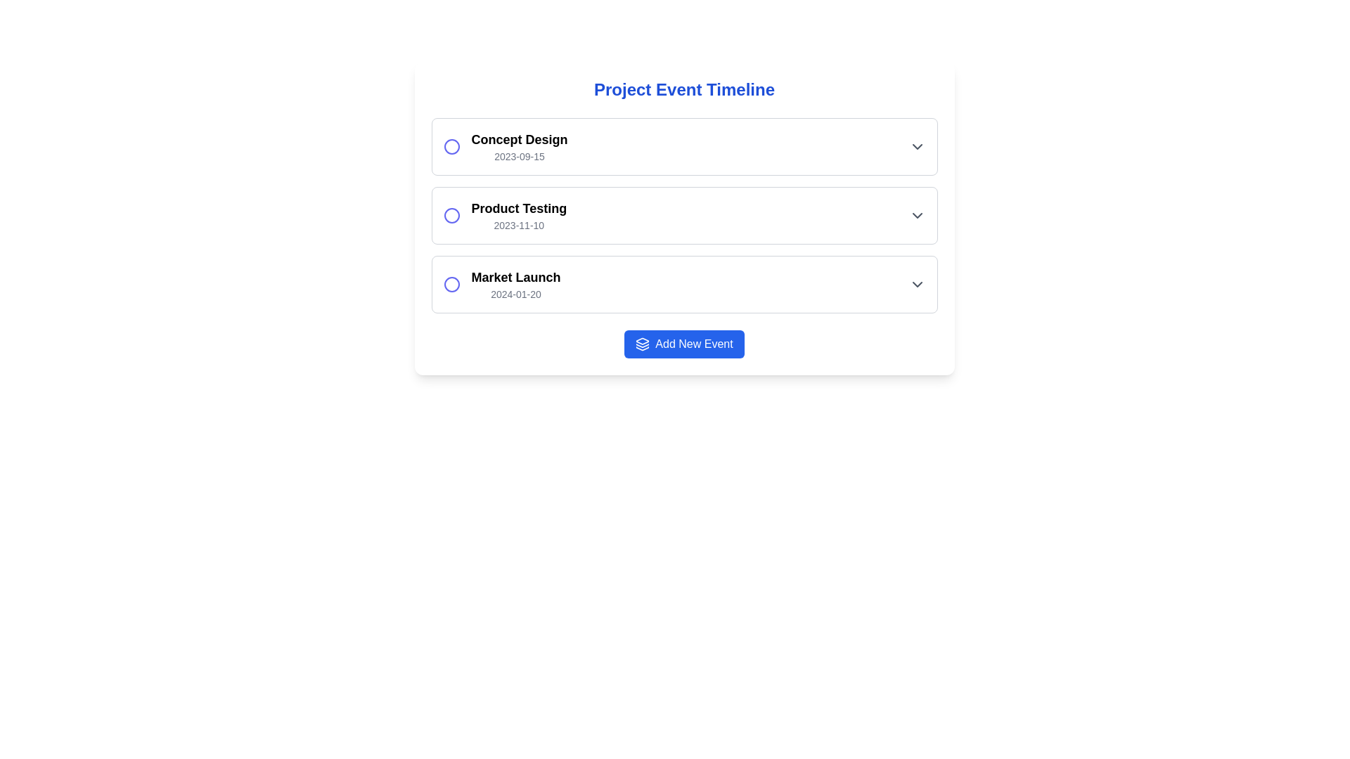  I want to click on the layer icon, which is a graphical depiction of a layer-like structure located in the middle-right section of the visible interface within the first sub-section of a three-item sequence, so click(642, 341).